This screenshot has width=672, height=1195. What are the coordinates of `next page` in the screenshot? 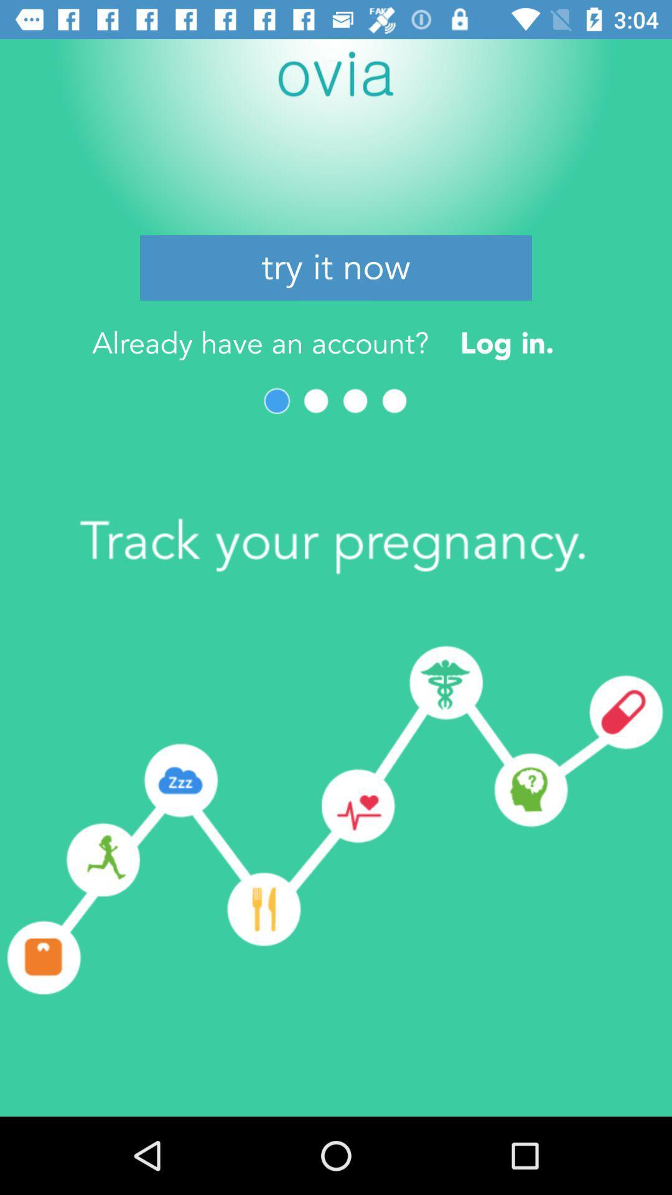 It's located at (315, 401).